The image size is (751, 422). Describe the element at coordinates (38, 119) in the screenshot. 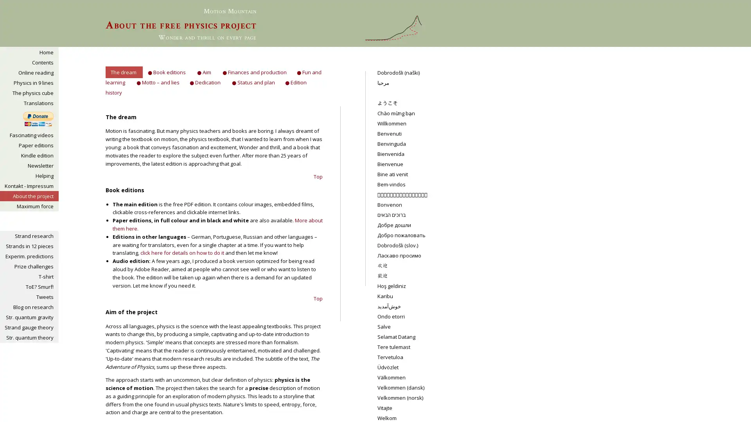

I see `| Donate Button |` at that location.